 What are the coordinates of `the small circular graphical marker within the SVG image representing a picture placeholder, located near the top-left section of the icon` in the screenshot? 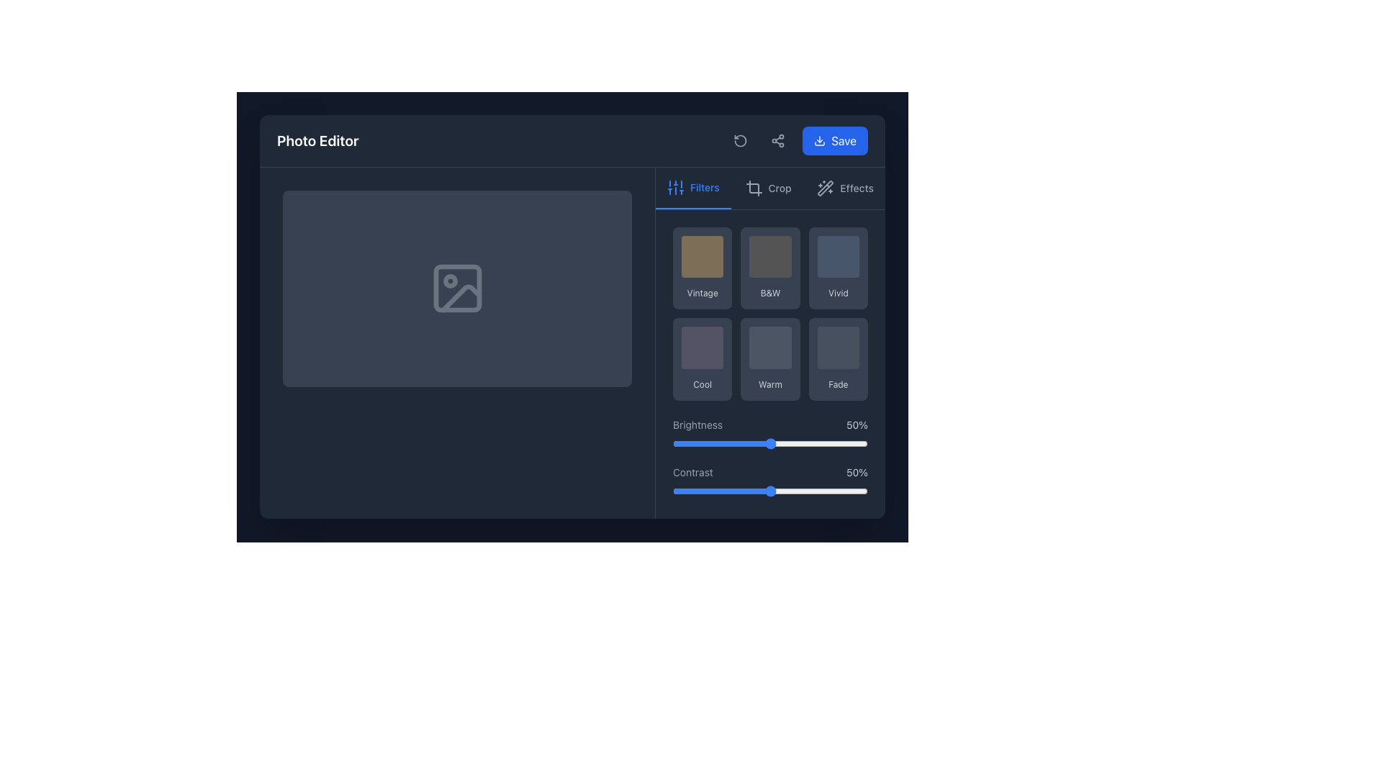 It's located at (449, 281).